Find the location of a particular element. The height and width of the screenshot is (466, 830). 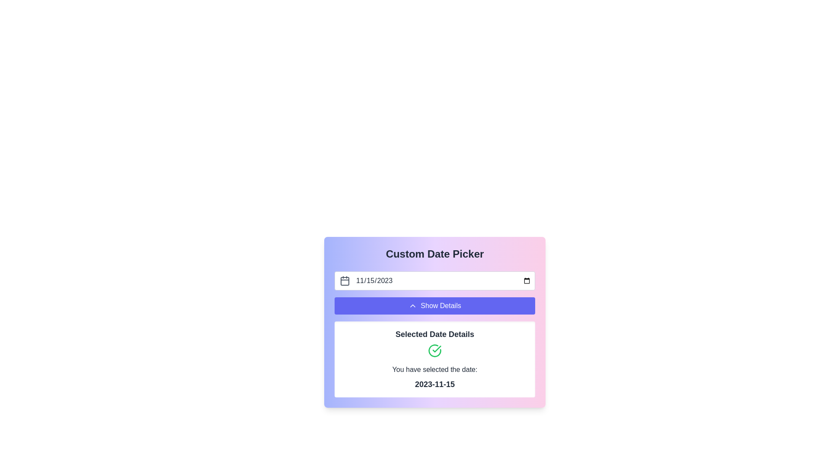

text 'Selected Date Details' which is displayed in bold and larger font above the content describing the selected date, located within a white box in the date display section is located at coordinates (435, 334).